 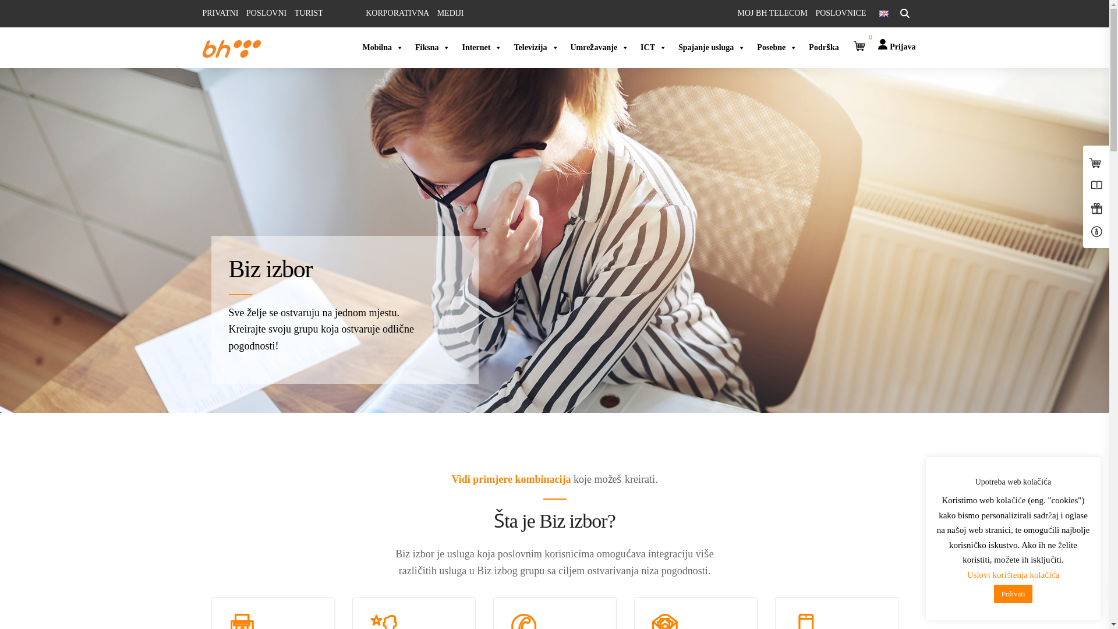 I want to click on 'Prihvati', so click(x=1012, y=593).